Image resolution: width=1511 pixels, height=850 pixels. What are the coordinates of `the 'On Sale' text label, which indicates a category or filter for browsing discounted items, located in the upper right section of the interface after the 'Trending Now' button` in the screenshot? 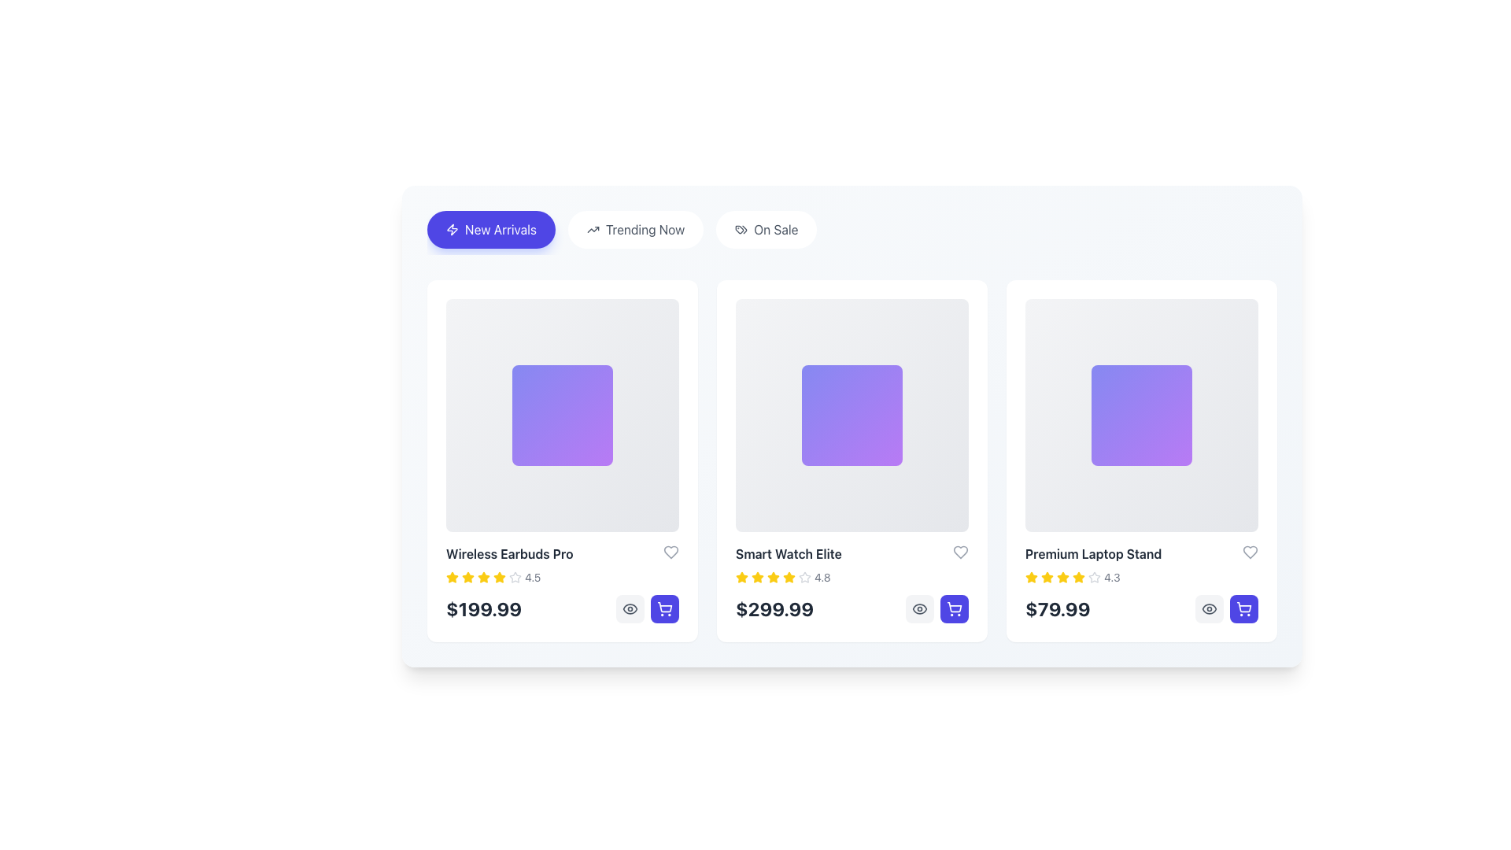 It's located at (776, 230).